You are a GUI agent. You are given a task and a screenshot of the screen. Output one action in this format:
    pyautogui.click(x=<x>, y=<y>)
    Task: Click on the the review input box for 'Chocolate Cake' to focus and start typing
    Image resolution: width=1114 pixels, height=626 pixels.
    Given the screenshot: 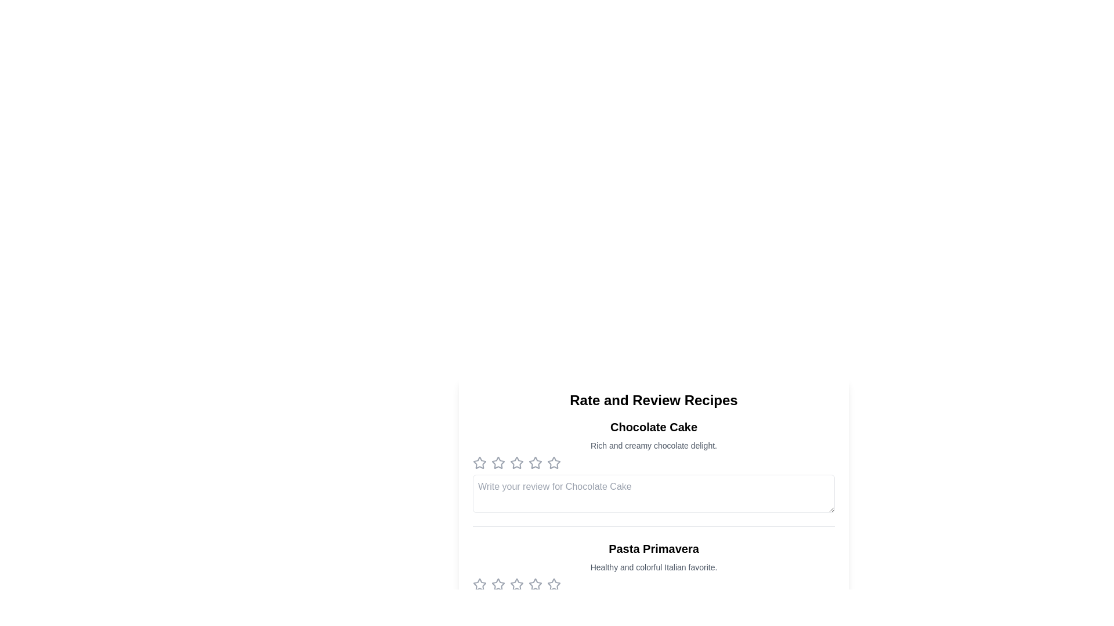 What is the action you would take?
    pyautogui.click(x=654, y=494)
    